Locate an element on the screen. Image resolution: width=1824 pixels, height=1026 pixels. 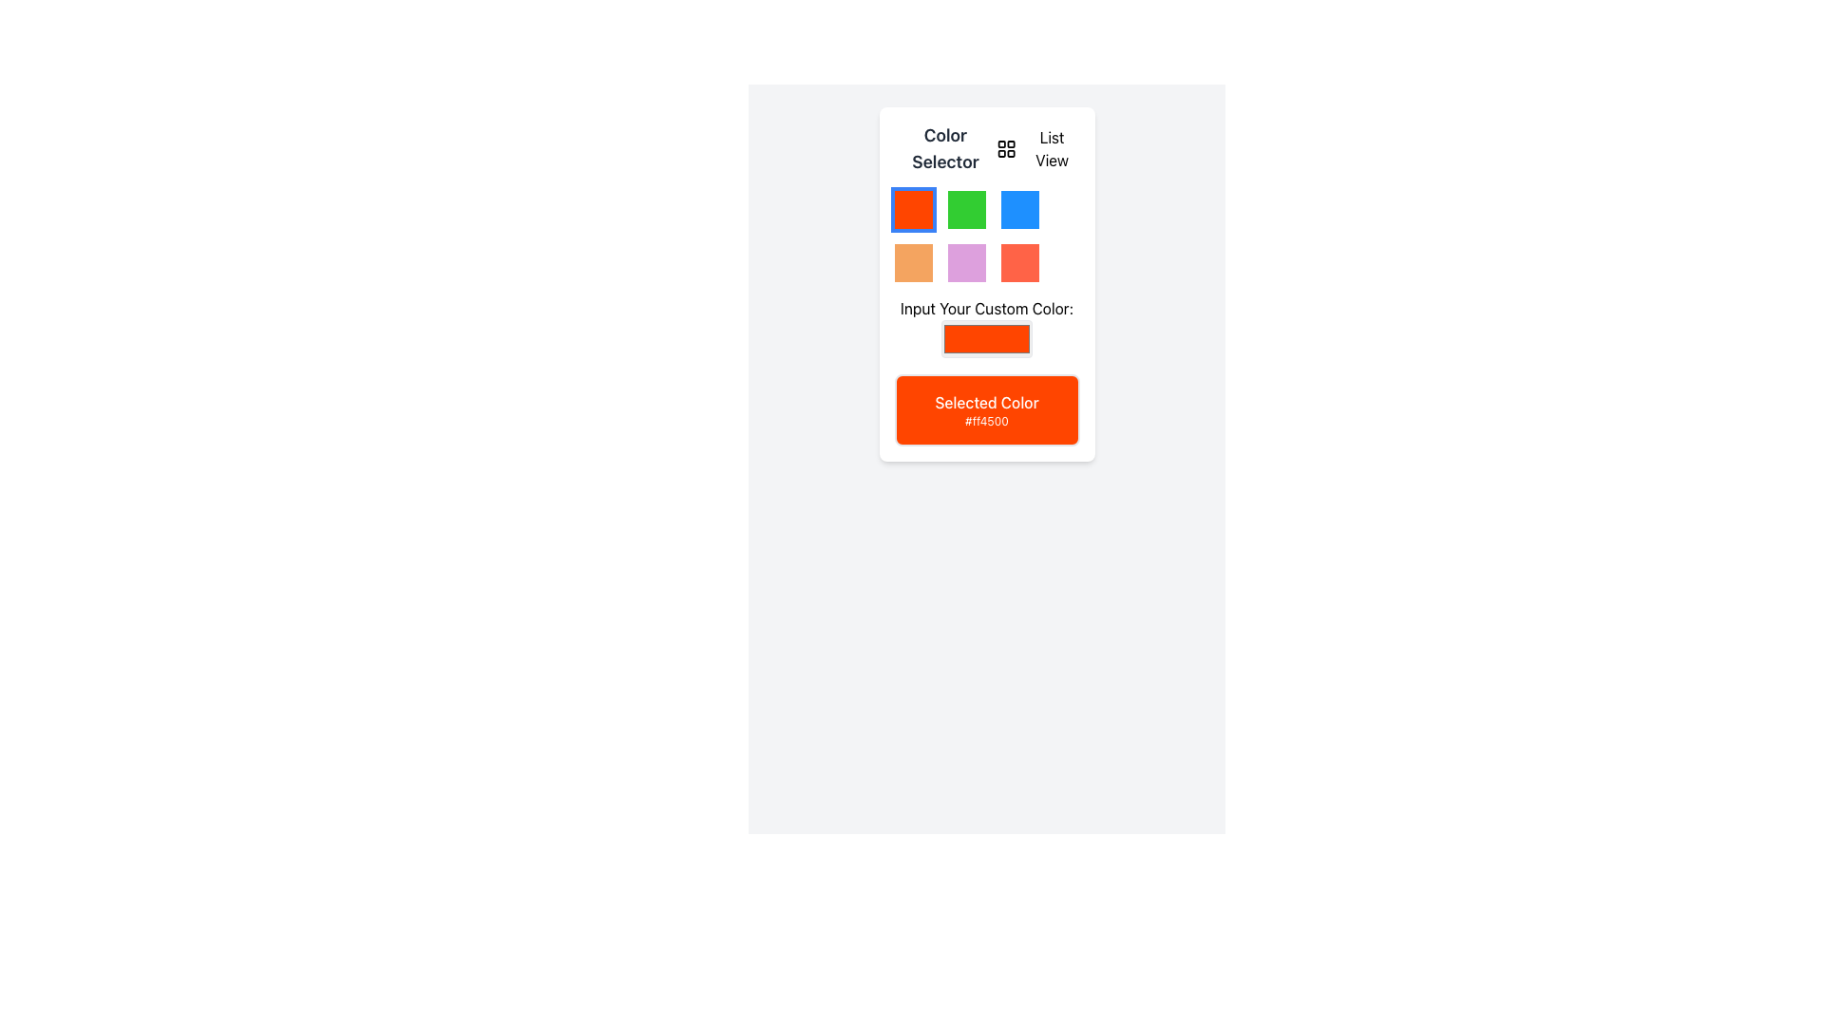
the button labeled 'List View' that contains a grid-like icon, located at the top right corner of the 'Color Selector' section is located at coordinates (1036, 148).